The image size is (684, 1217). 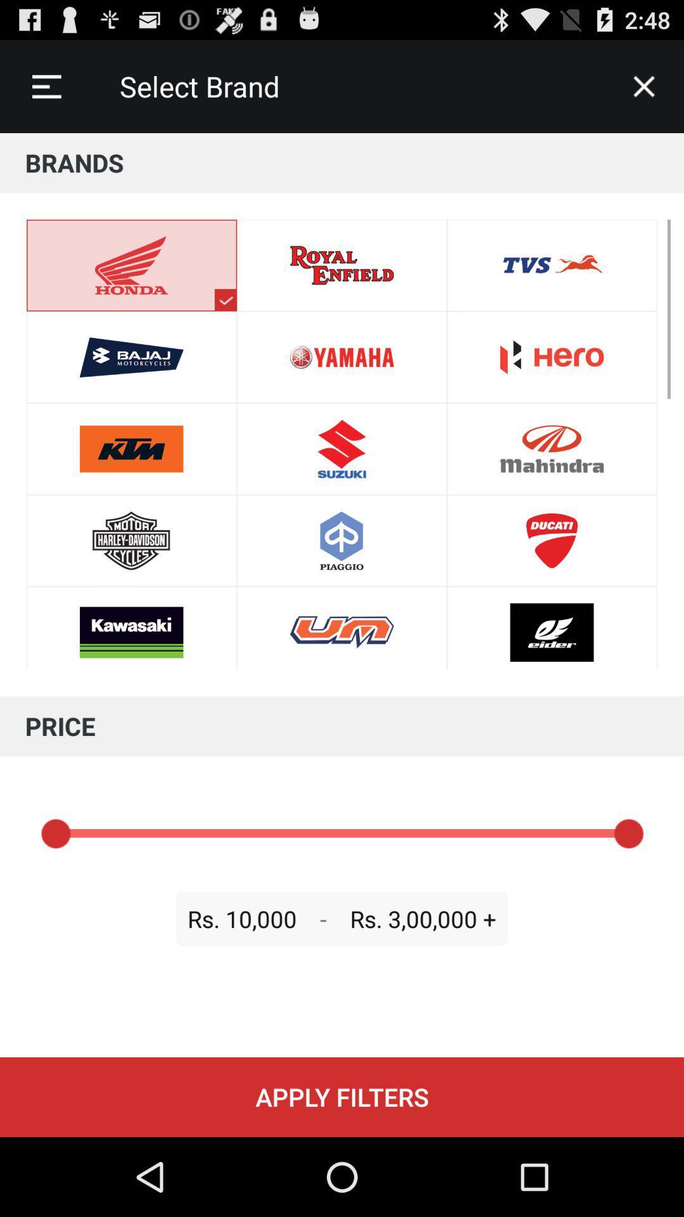 I want to click on the icon to the right of the select brand icon, so click(x=644, y=86).